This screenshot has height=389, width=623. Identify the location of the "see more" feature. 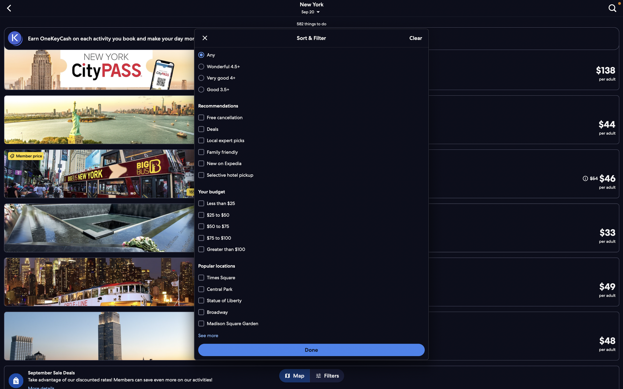
(208, 336).